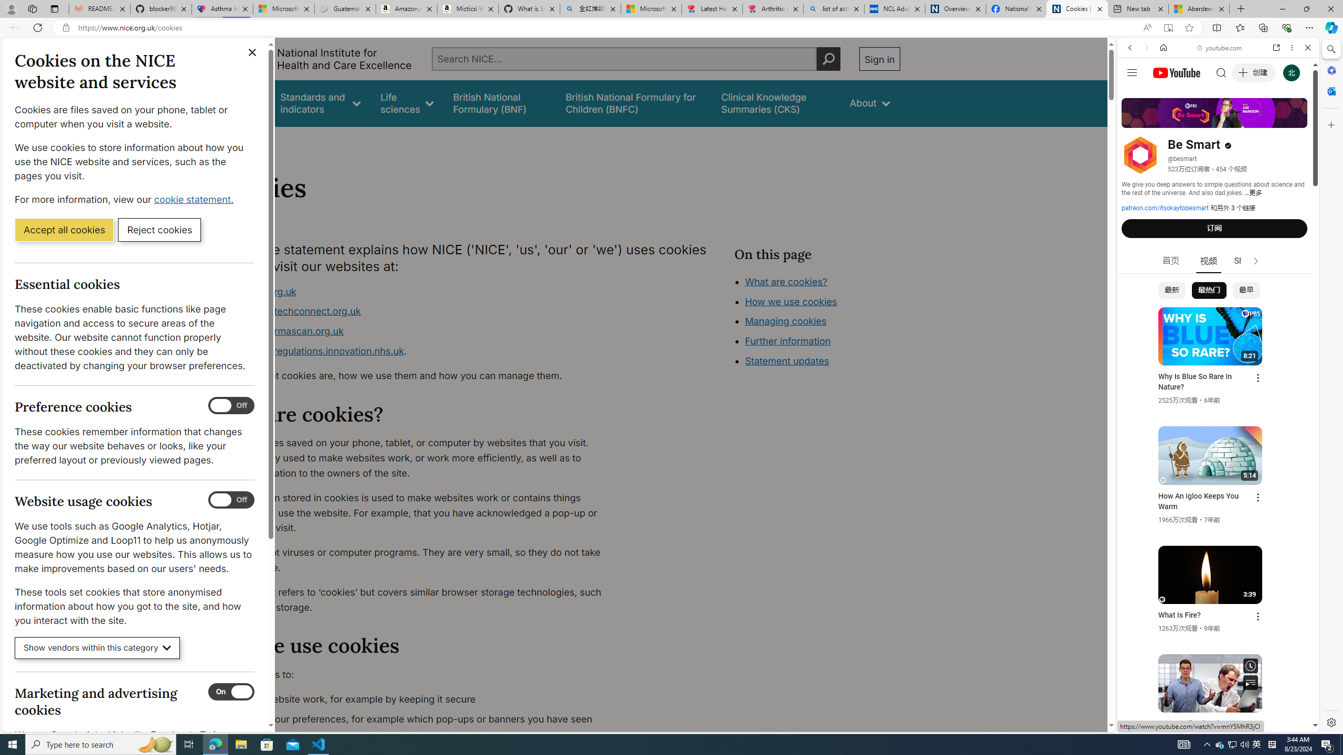 The height and width of the screenshot is (755, 1343). Describe the element at coordinates (417, 699) in the screenshot. I see `'make our website work, for example by keeping it secure'` at that location.